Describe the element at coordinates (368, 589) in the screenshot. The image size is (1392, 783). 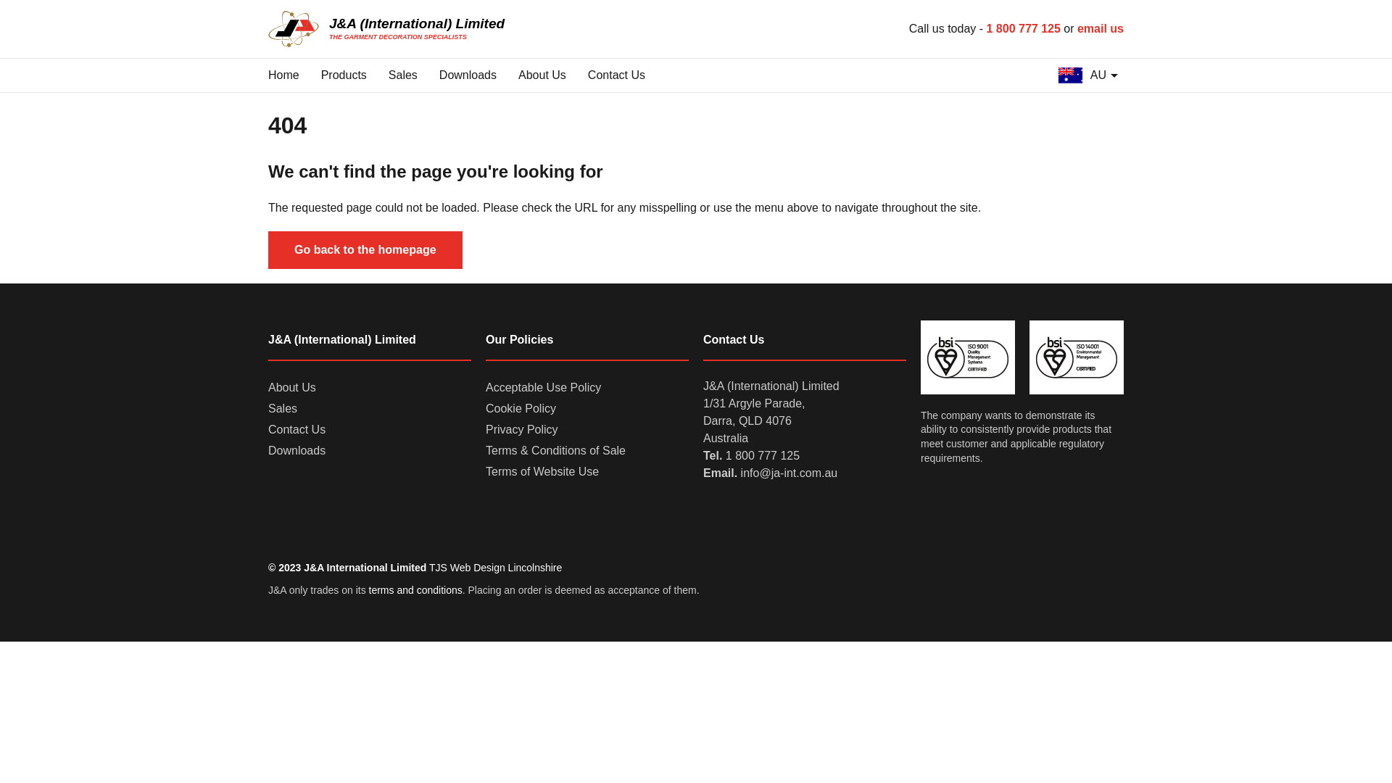
I see `'terms and conditions'` at that location.